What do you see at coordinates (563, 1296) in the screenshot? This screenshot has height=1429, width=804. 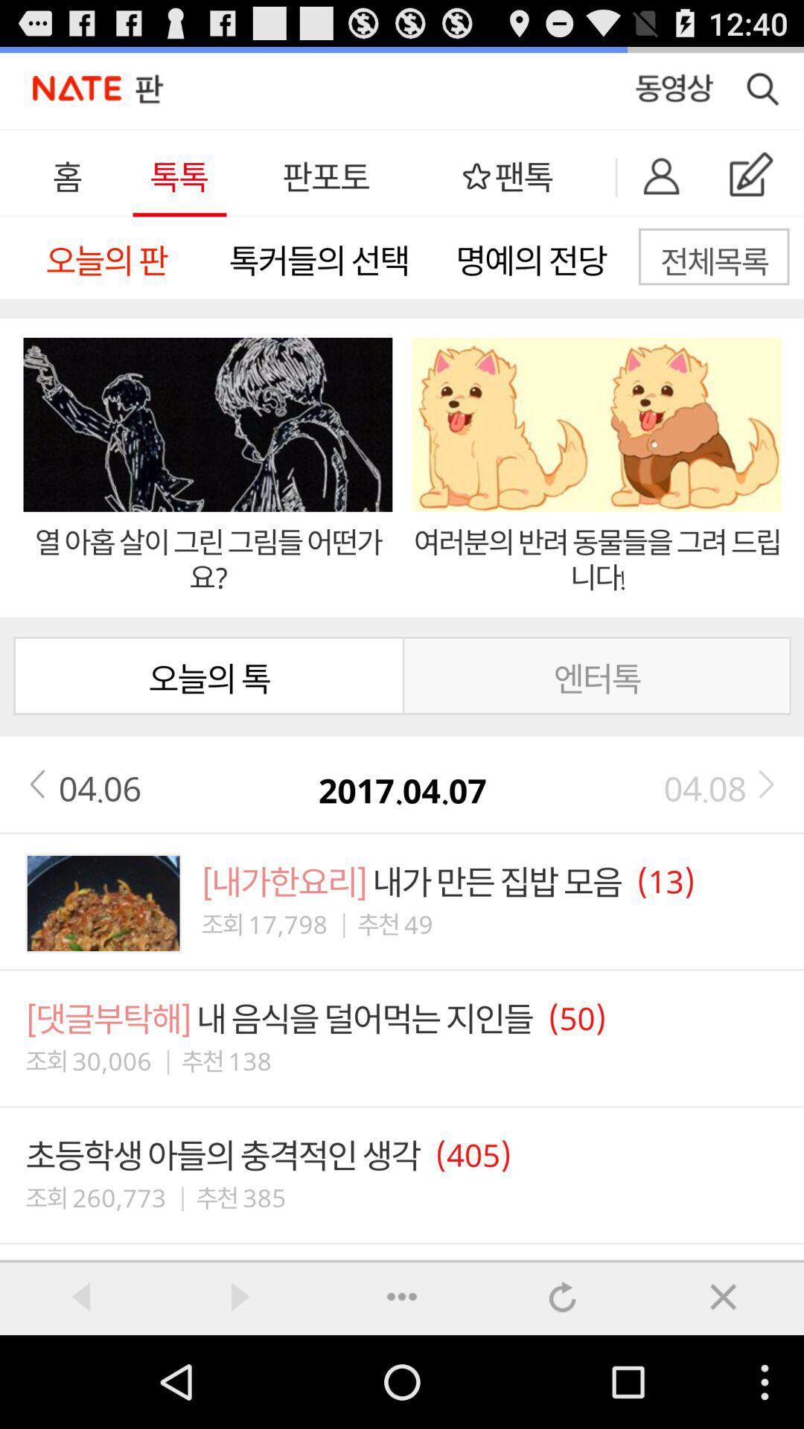 I see `refreshing option` at bounding box center [563, 1296].